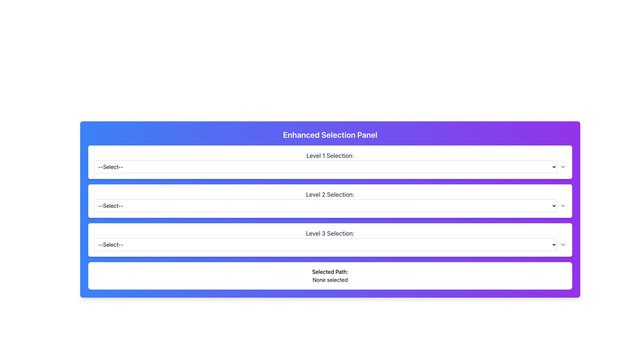 The image size is (644, 362). Describe the element at coordinates (563, 244) in the screenshot. I see `the chevron icon located to the right side within the Level 3 selection dropdown` at that location.